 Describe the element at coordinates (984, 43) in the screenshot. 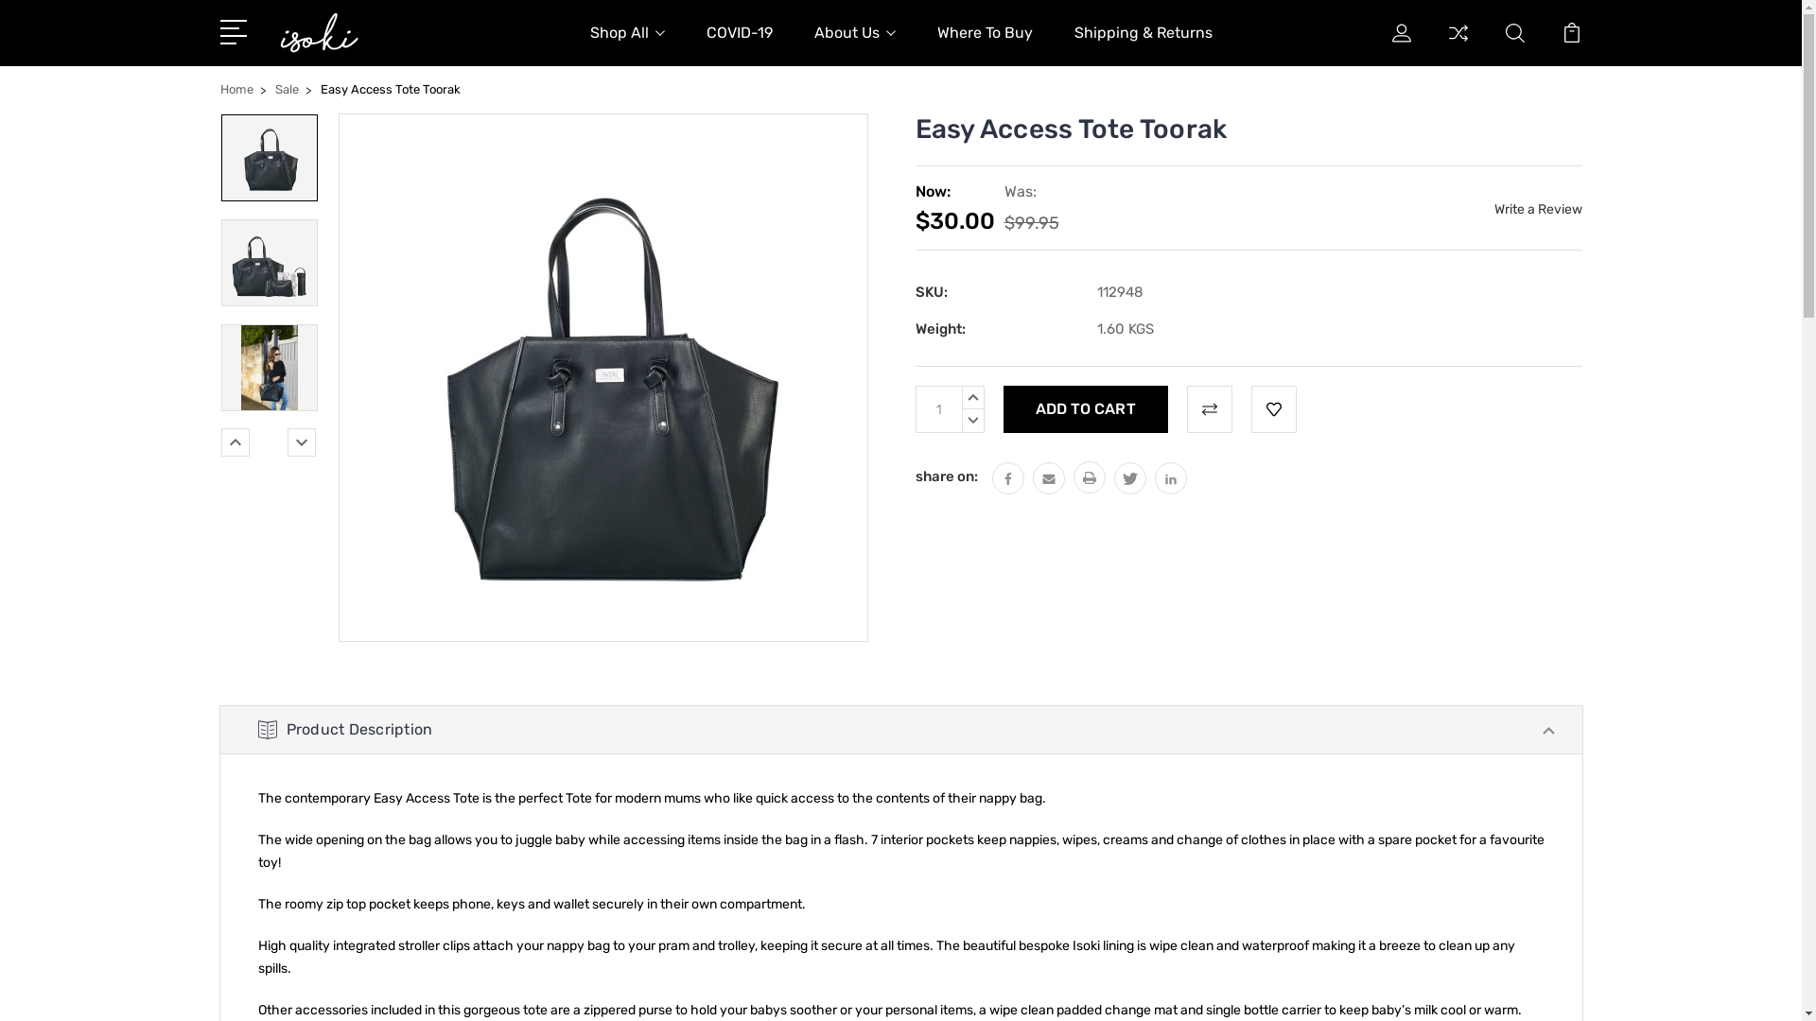

I see `'Where To Buy'` at that location.